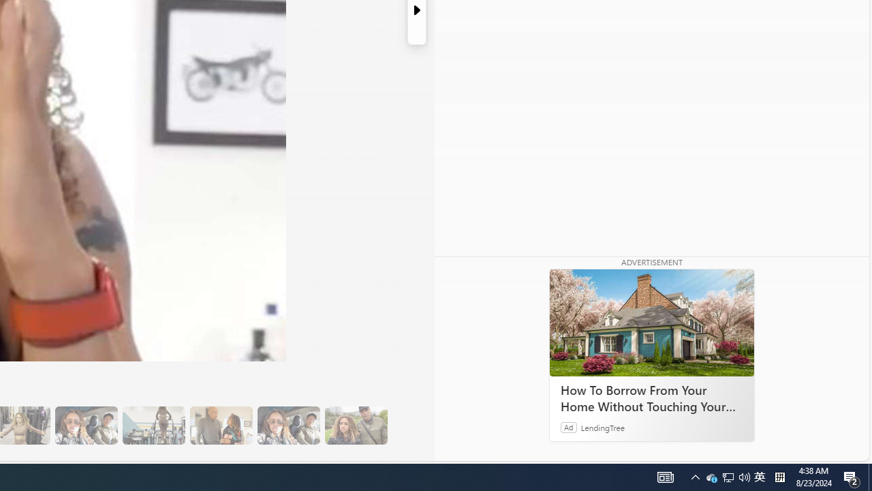 Image resolution: width=872 pixels, height=491 pixels. What do you see at coordinates (356, 425) in the screenshot?
I see `'20 Overall, It Will Improve Your Health'` at bounding box center [356, 425].